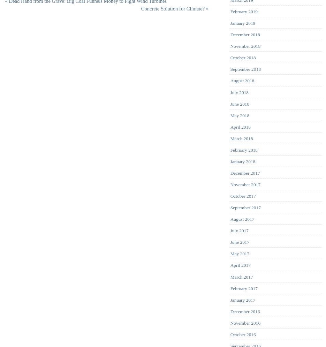 The width and height of the screenshot is (326, 347). Describe the element at coordinates (245, 184) in the screenshot. I see `'November 2017'` at that location.